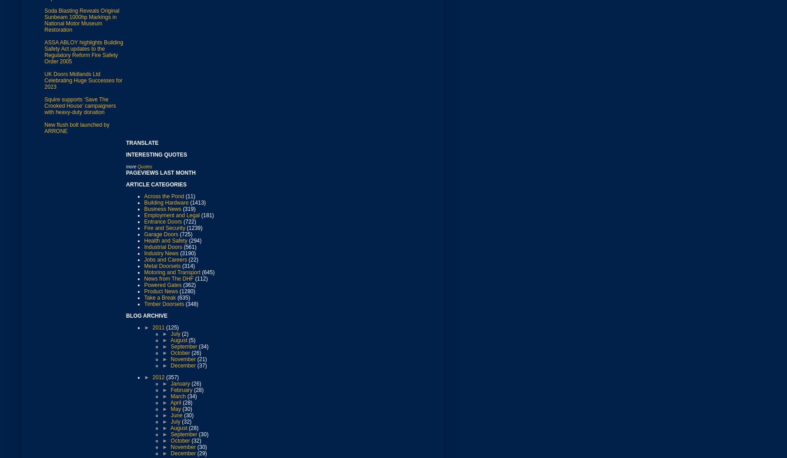 This screenshot has width=787, height=458. What do you see at coordinates (207, 215) in the screenshot?
I see `'(181)'` at bounding box center [207, 215].